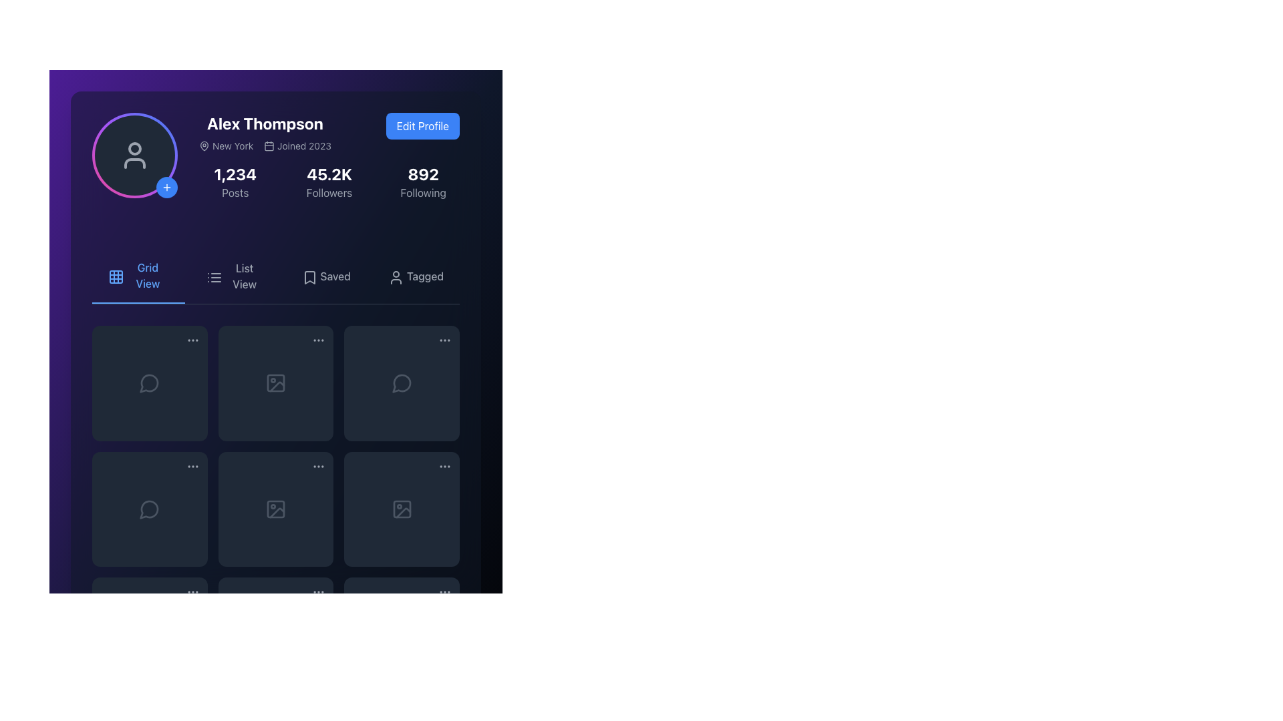  Describe the element at coordinates (150, 509) in the screenshot. I see `the chat icon button which is represented by a speech bubble icon, located in the second row, first column of a 3x3 grid layout` at that location.